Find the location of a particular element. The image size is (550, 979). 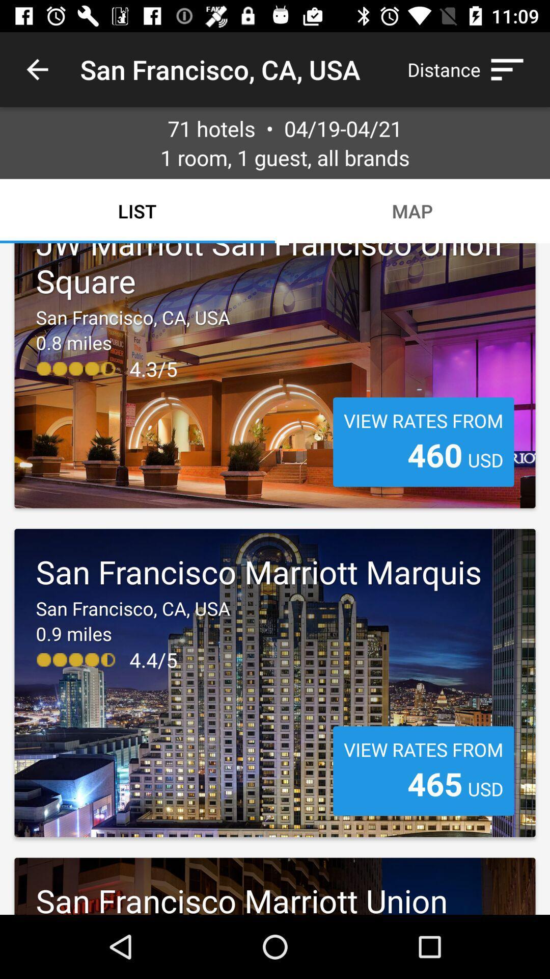

item to the left of the usd icon is located at coordinates (435, 454).